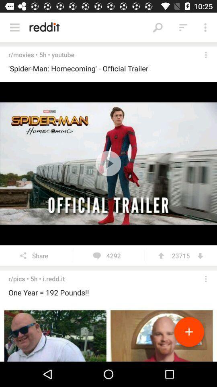 The height and width of the screenshot is (387, 217). What do you see at coordinates (14, 27) in the screenshot?
I see `show menu` at bounding box center [14, 27].